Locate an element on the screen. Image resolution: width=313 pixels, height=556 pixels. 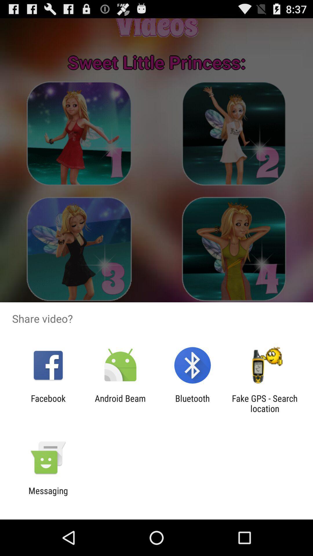
the android beam is located at coordinates (120, 403).